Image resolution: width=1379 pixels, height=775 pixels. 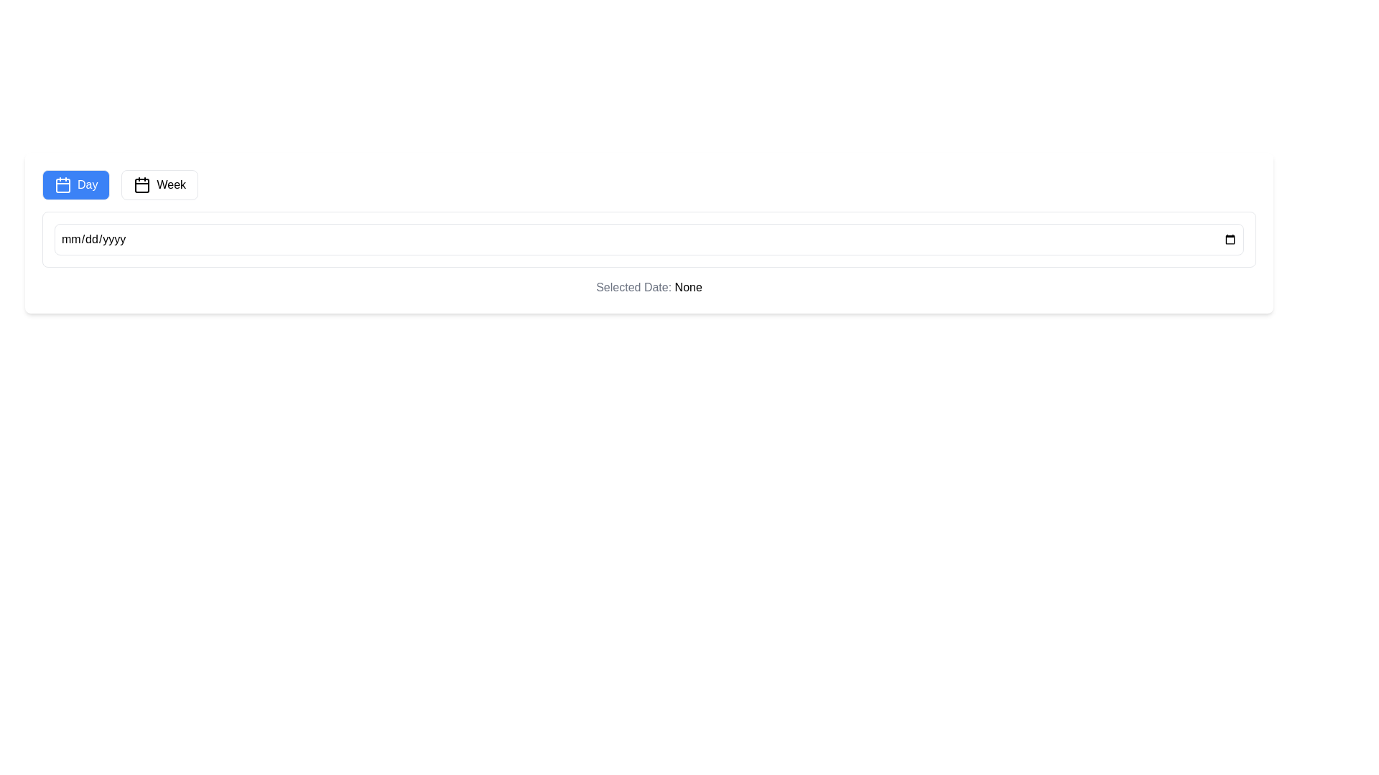 I want to click on the small outlined calendar icon located to the left of the 'Week' text, so click(x=142, y=184).